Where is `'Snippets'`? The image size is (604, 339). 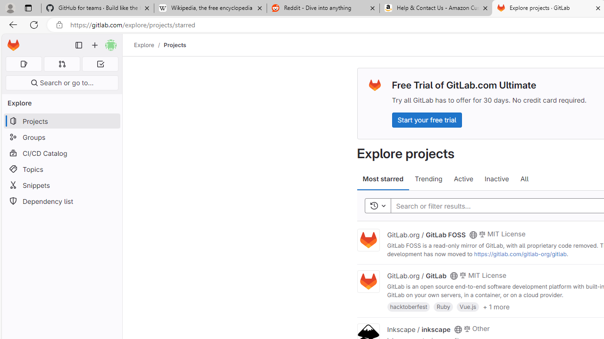 'Snippets' is located at coordinates (61, 185).